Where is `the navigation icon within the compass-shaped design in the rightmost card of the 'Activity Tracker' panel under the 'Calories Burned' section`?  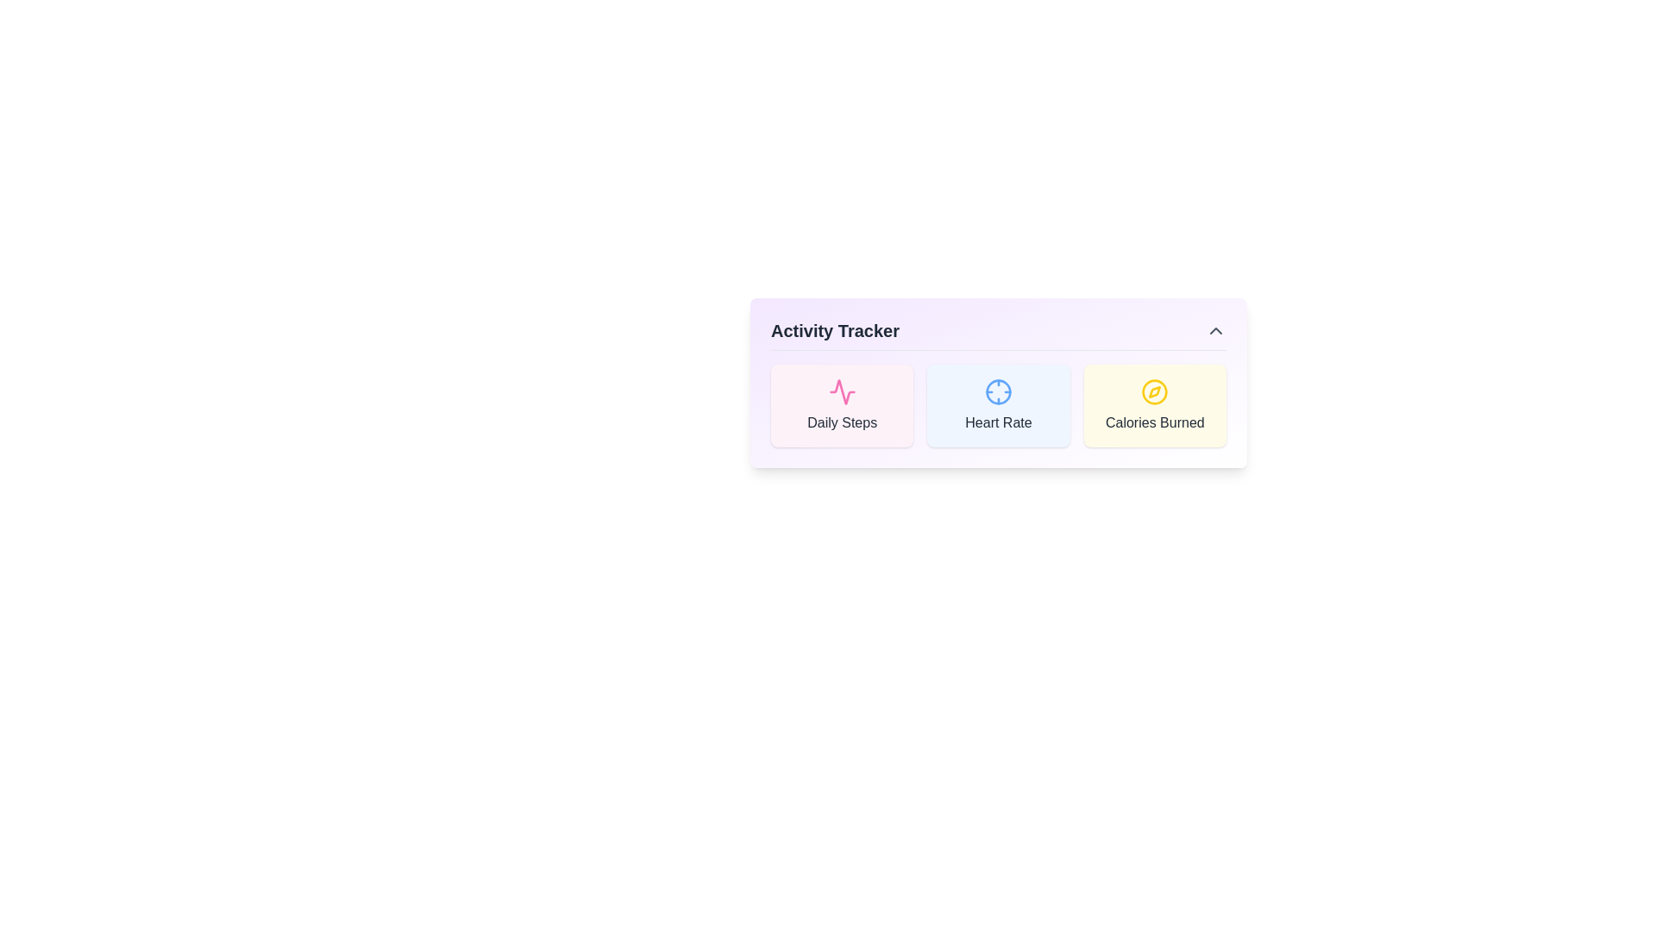
the navigation icon within the compass-shaped design in the rightmost card of the 'Activity Tracker' panel under the 'Calories Burned' section is located at coordinates (1155, 392).